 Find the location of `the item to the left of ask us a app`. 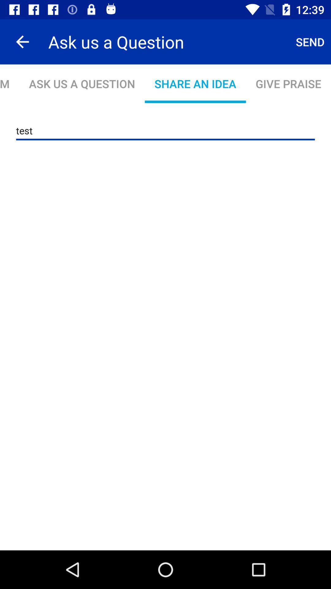

the item to the left of ask us a app is located at coordinates (22, 41).